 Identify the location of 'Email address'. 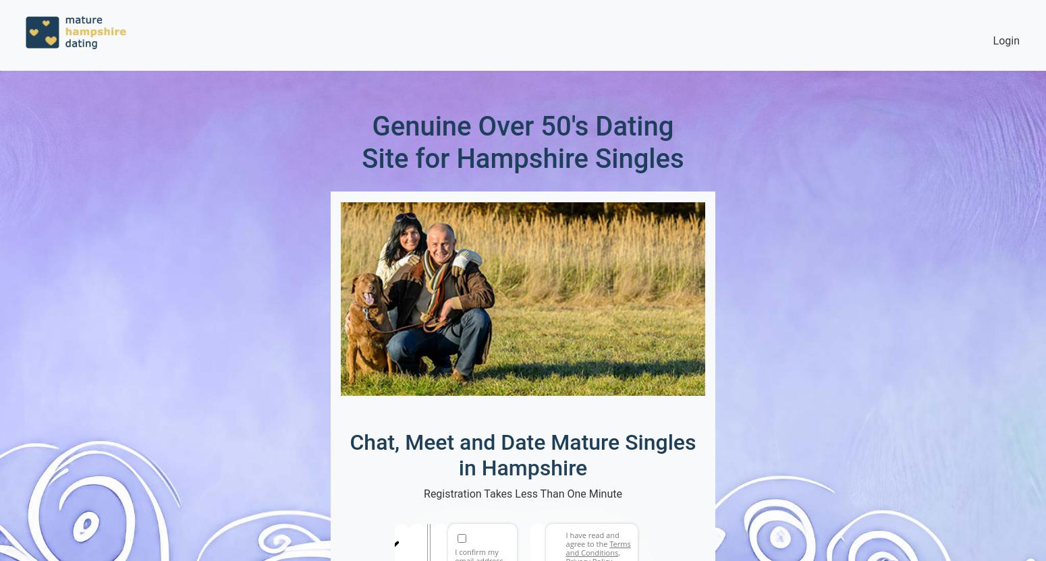
(466, 531).